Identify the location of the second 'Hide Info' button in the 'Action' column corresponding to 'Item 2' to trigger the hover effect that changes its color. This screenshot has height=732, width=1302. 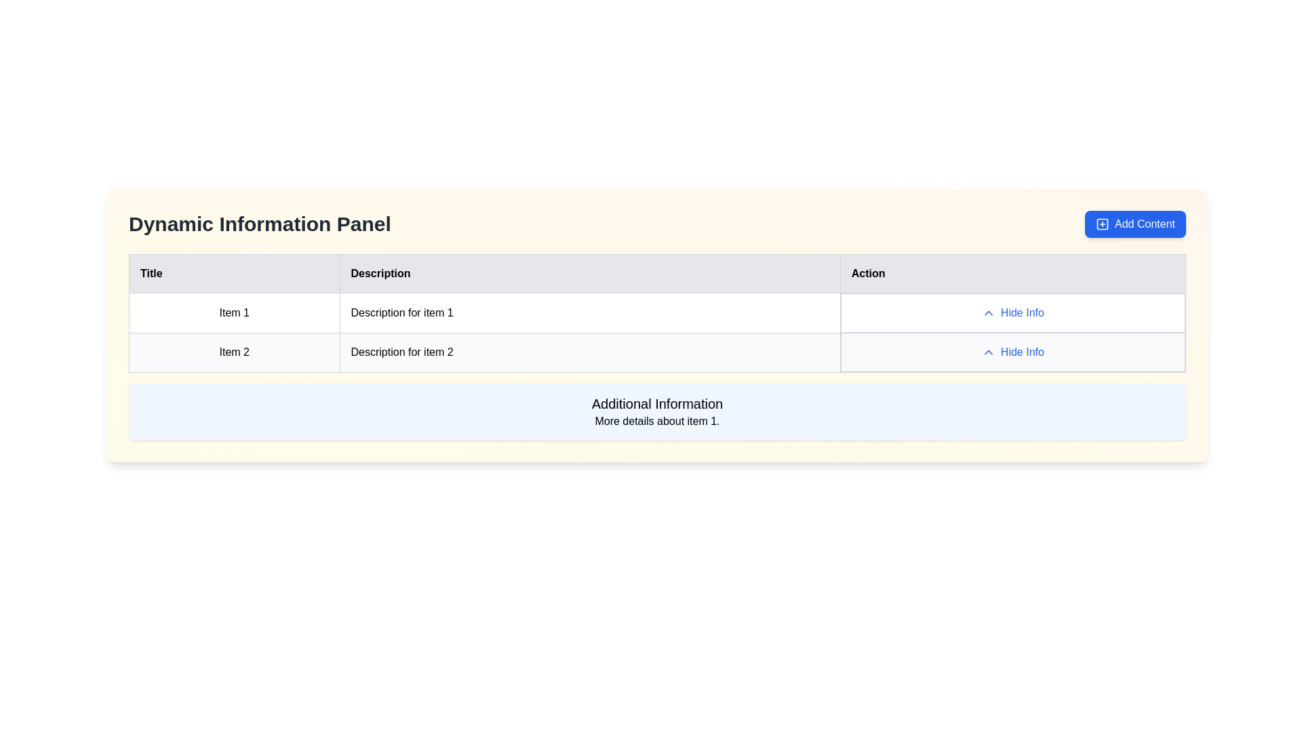
(1012, 352).